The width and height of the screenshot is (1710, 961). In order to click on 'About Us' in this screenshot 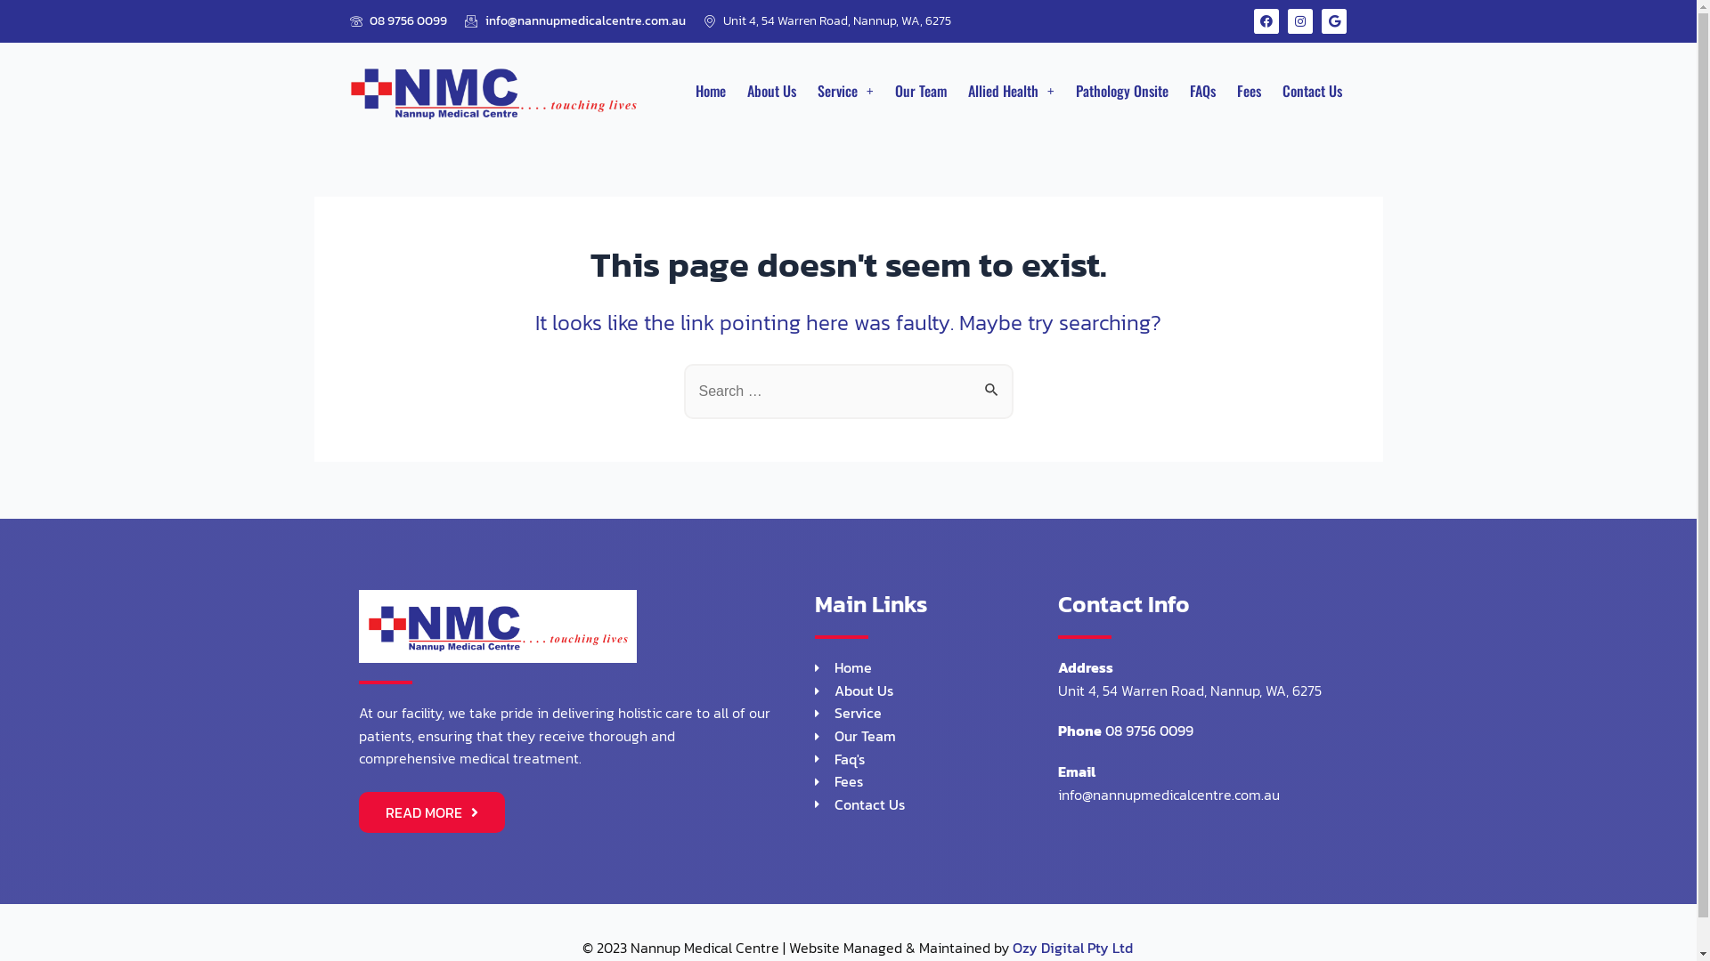, I will do `click(771, 90)`.